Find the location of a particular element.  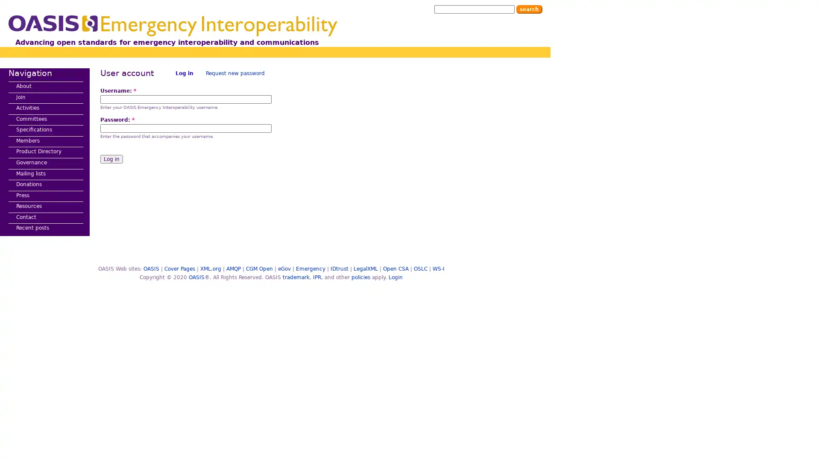

Search is located at coordinates (529, 9).